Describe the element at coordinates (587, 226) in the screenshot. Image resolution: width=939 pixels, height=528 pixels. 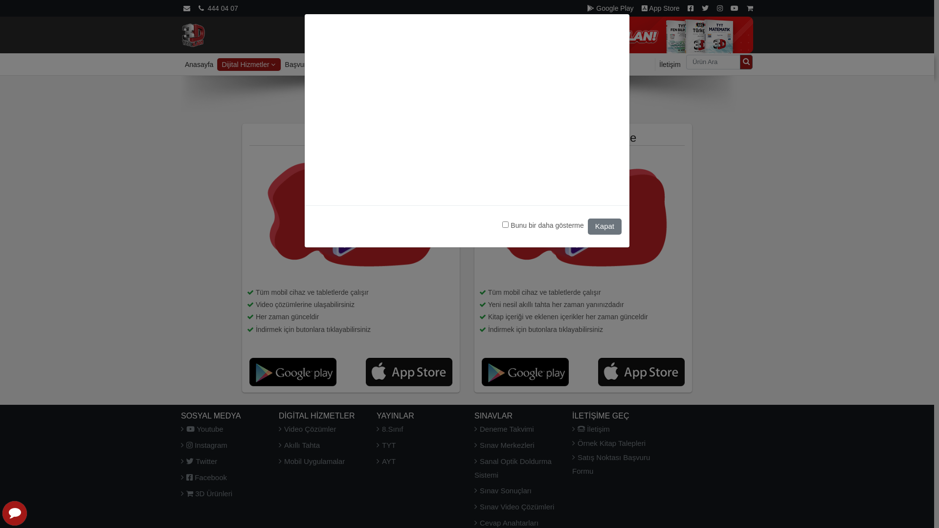
I see `'Kapat'` at that location.